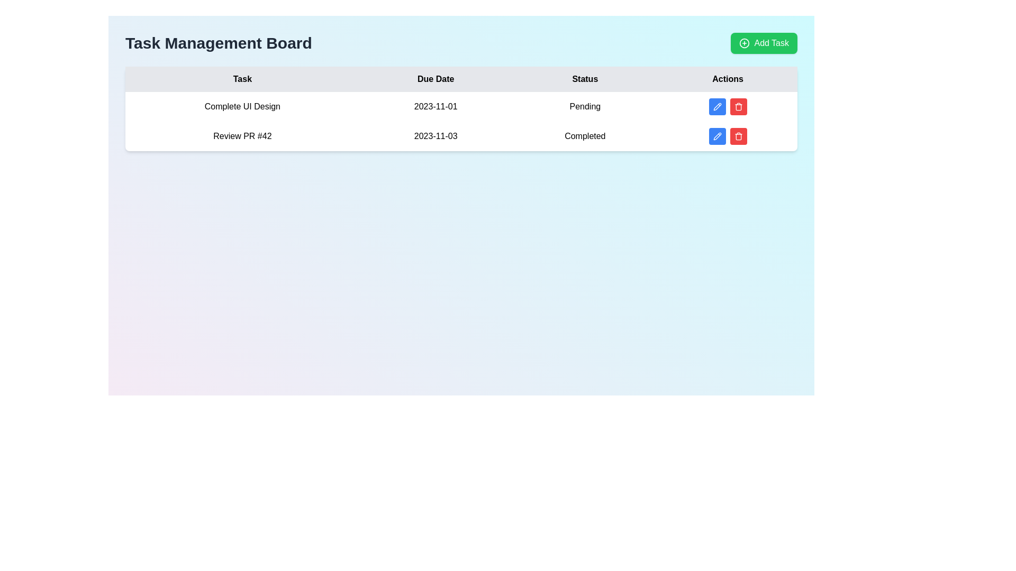  What do you see at coordinates (743, 42) in the screenshot?
I see `the circular icon with a plus symbol ('+') in the center, which is part of the green button located in the top-right corner` at bounding box center [743, 42].